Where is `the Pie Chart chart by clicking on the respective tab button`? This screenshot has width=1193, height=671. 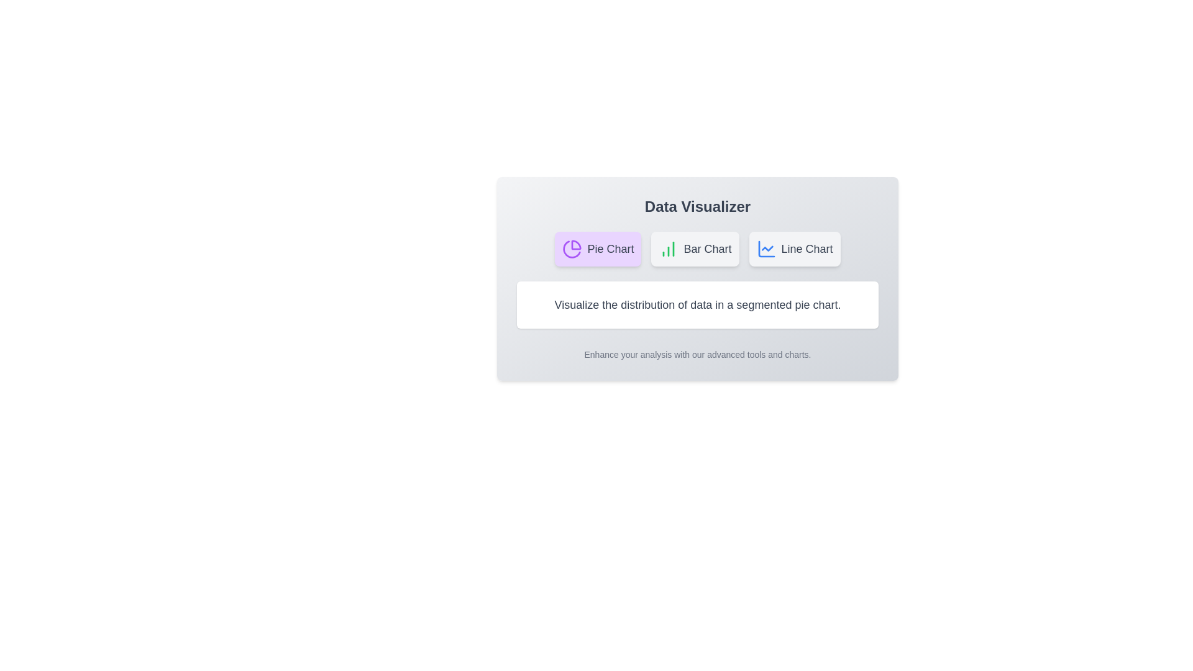 the Pie Chart chart by clicking on the respective tab button is located at coordinates (598, 249).